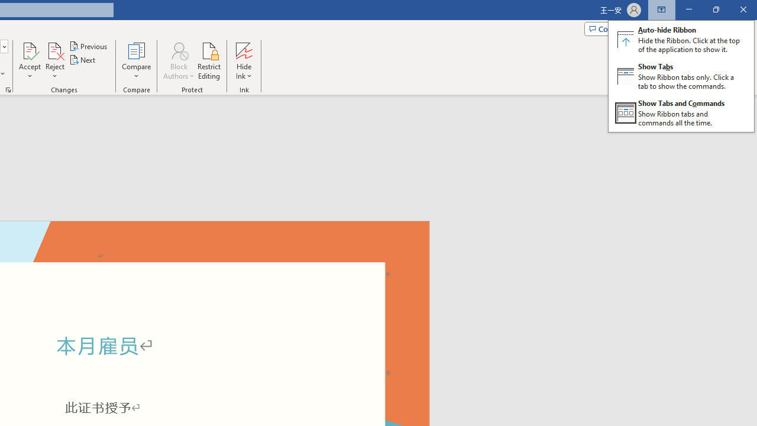 This screenshot has height=426, width=757. I want to click on 'Change Tracking Options...', so click(8, 89).